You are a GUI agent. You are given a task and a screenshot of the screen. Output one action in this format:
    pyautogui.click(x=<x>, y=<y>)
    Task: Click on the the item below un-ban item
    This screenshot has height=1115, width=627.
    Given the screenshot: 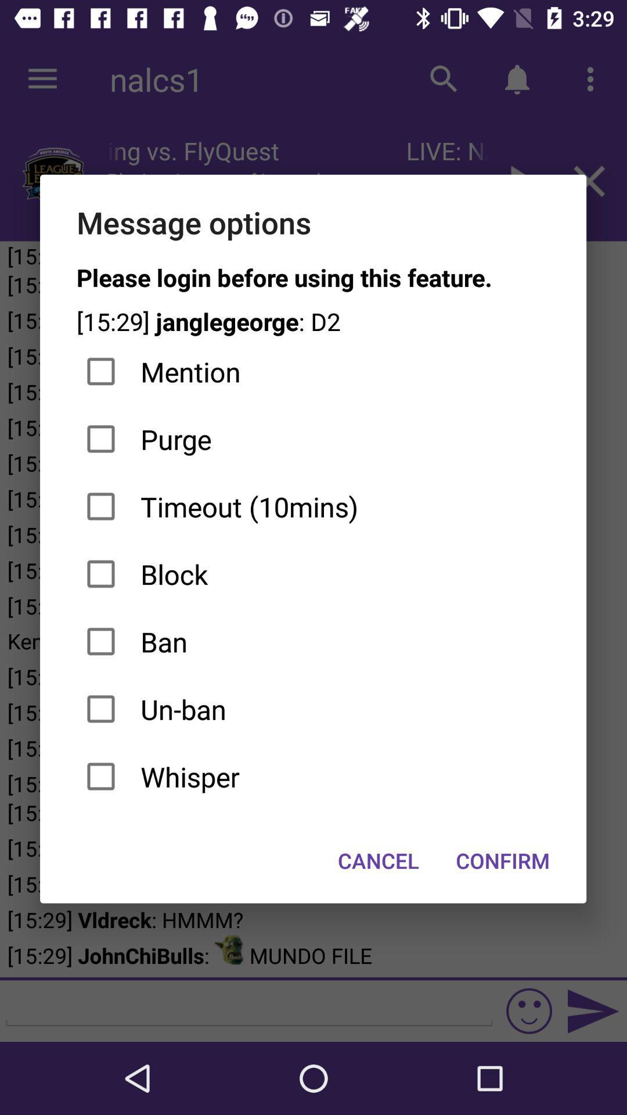 What is the action you would take?
    pyautogui.click(x=312, y=776)
    